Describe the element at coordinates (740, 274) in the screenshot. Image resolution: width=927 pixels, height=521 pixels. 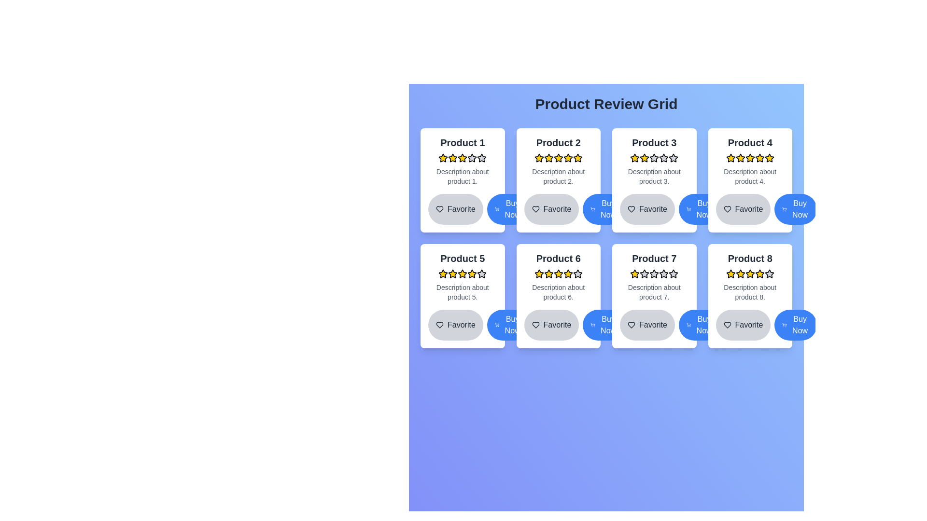
I see `the yellow star icon with a black outline, which is the third star in the rating section of the card for 'Product 8'` at that location.